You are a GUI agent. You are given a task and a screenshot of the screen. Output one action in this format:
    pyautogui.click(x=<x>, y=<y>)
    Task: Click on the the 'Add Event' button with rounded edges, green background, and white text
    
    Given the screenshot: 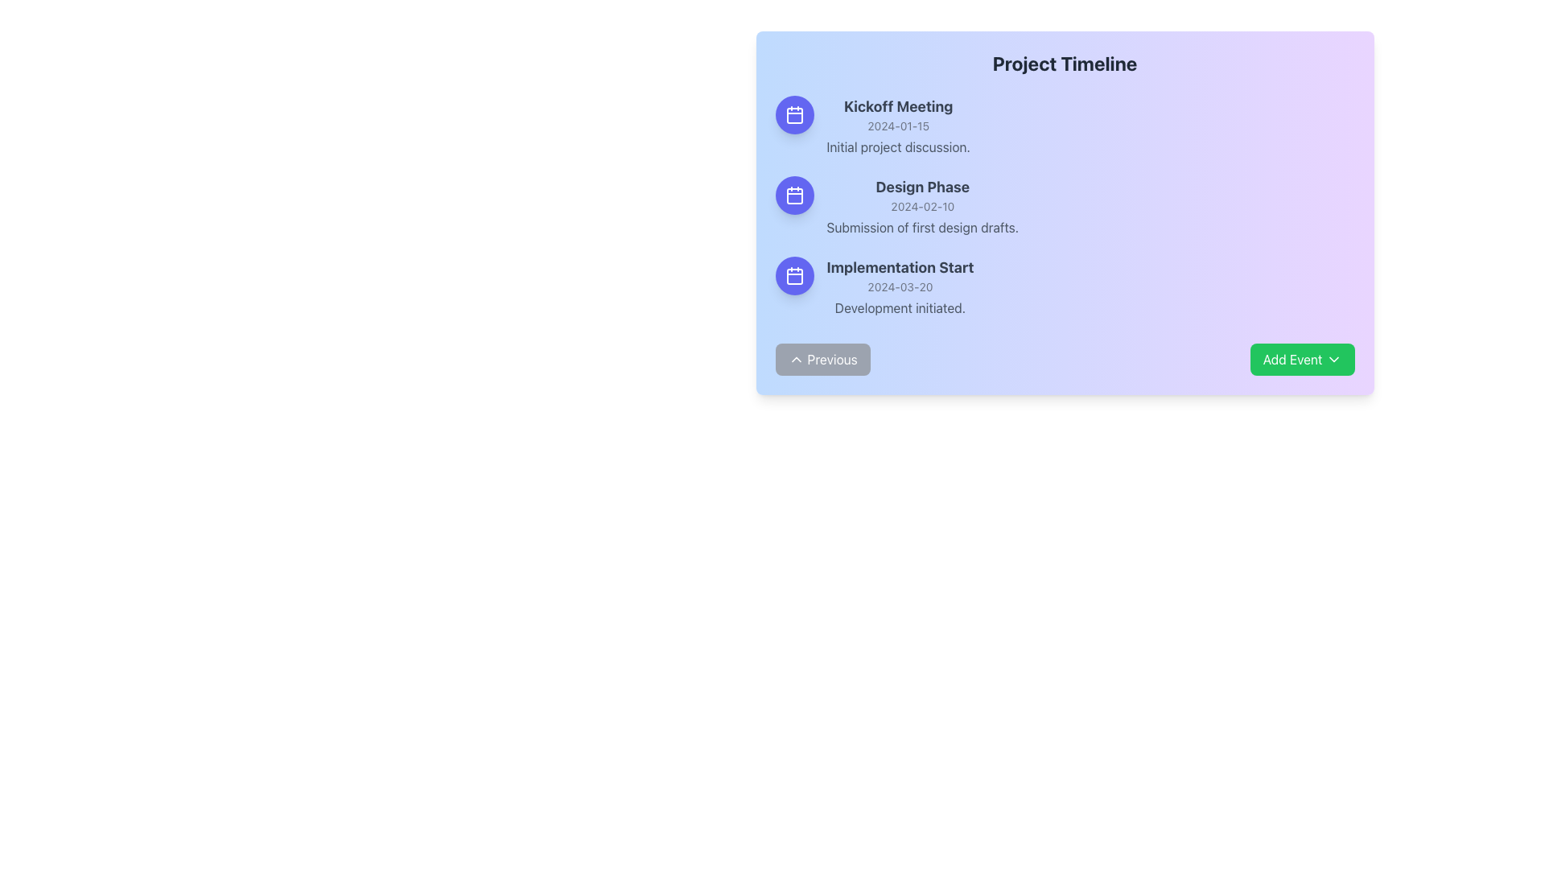 What is the action you would take?
    pyautogui.click(x=1302, y=359)
    